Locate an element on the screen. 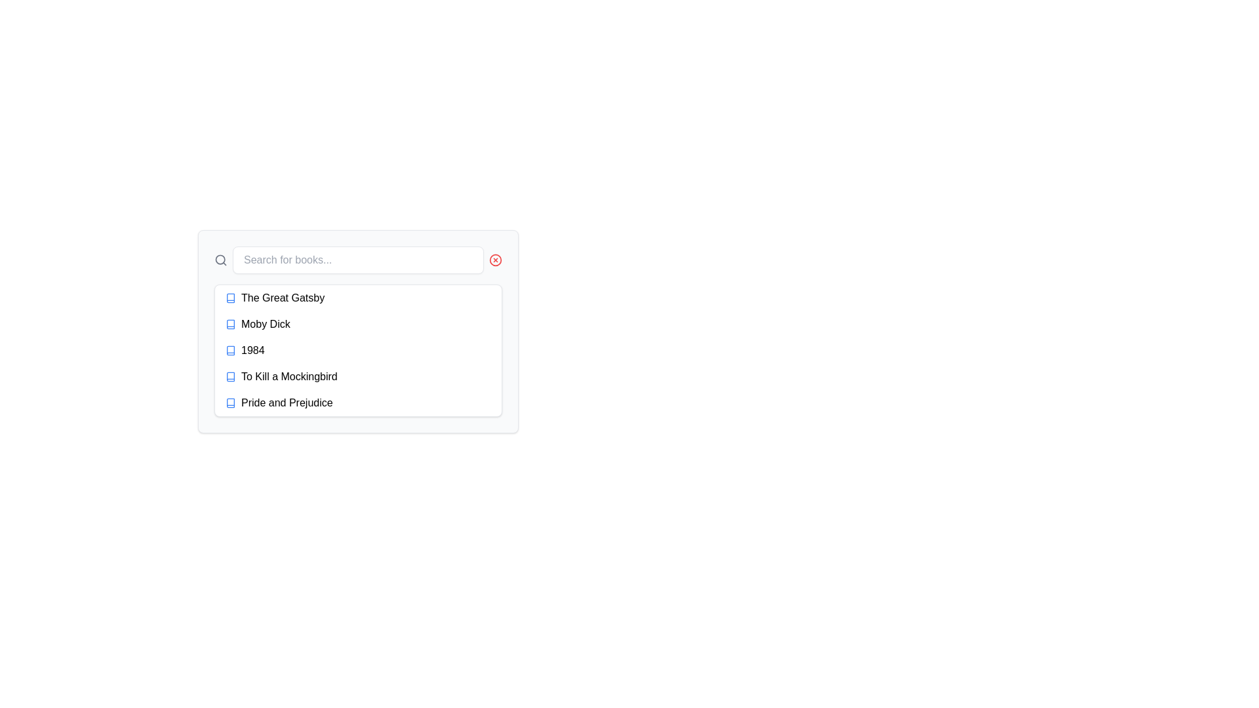  the fourth item is located at coordinates (358, 376).